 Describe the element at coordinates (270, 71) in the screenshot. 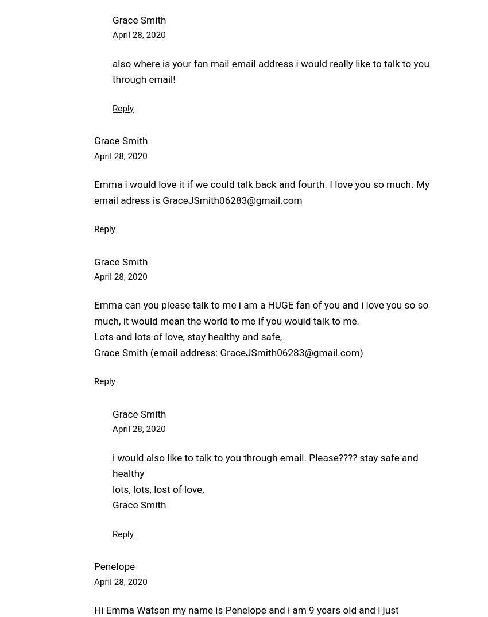

I see `'also where is your fan mail email address i would really like to talk to you through email!'` at that location.